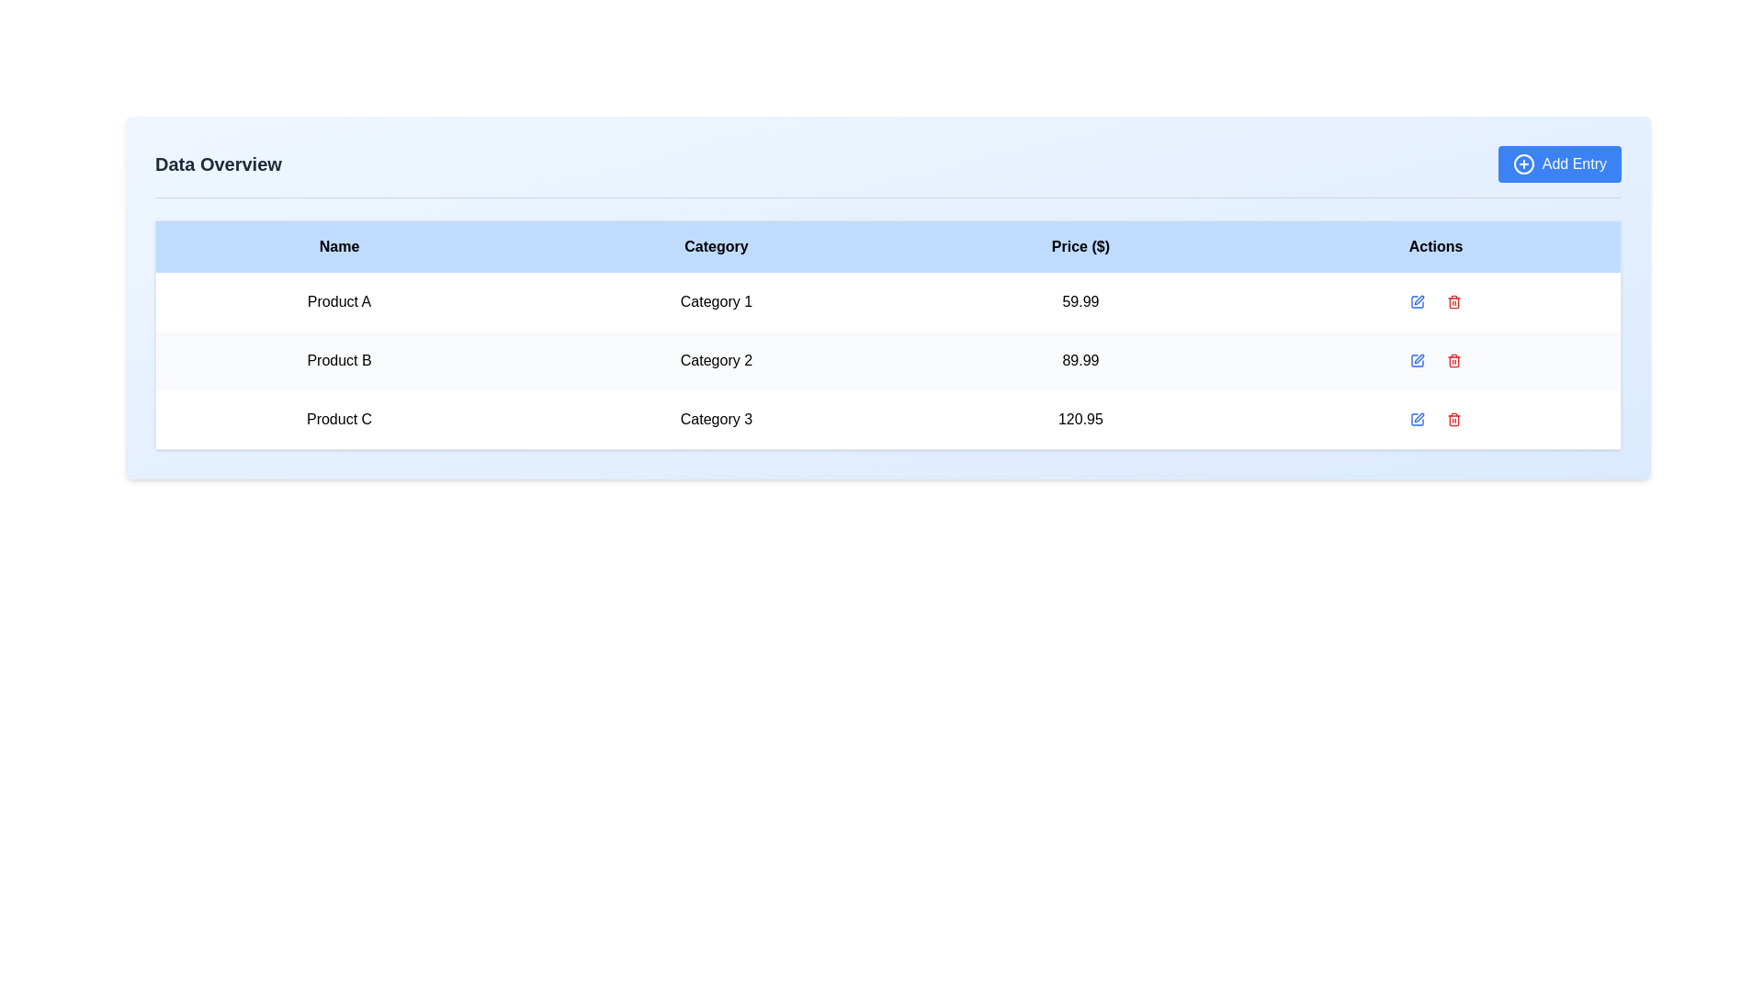  What do you see at coordinates (1453, 361) in the screenshot?
I see `the red trash bin icon representing the delete action, which is the second icon in the 'Actions' column of the second row of the product information table to trigger a hover effect` at bounding box center [1453, 361].